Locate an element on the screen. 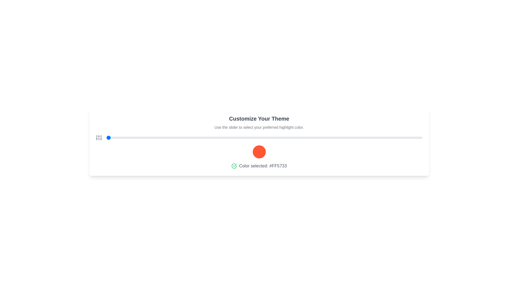 This screenshot has width=524, height=294. the slider value is located at coordinates (221, 137).